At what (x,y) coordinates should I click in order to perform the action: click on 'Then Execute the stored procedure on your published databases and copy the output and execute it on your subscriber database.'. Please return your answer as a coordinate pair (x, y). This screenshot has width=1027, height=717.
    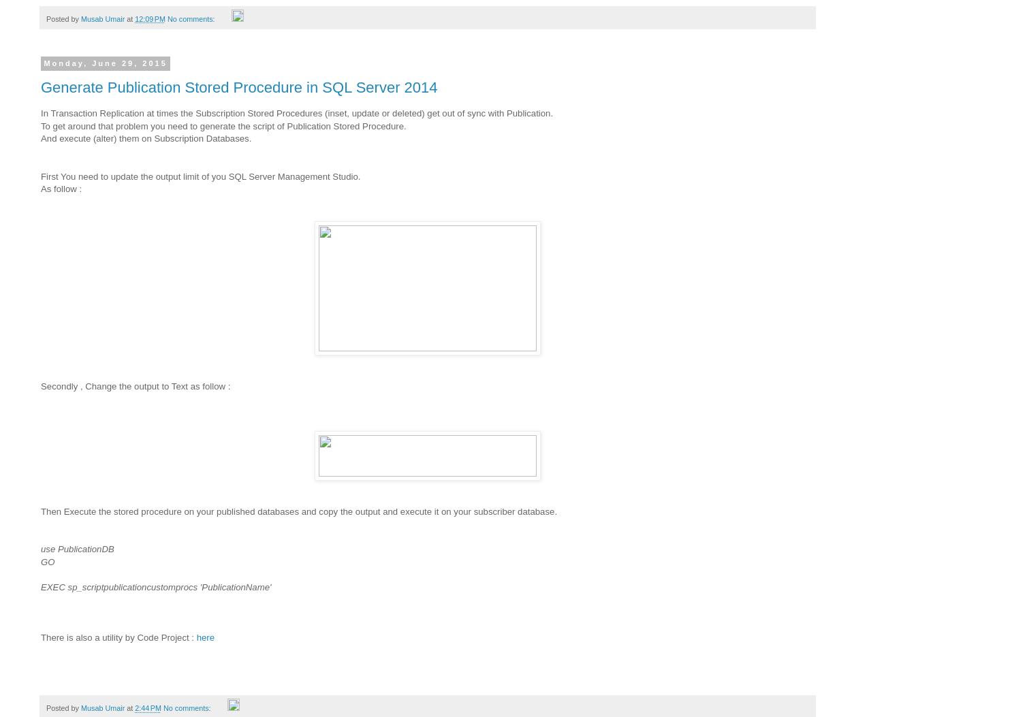
    Looking at the image, I should click on (298, 510).